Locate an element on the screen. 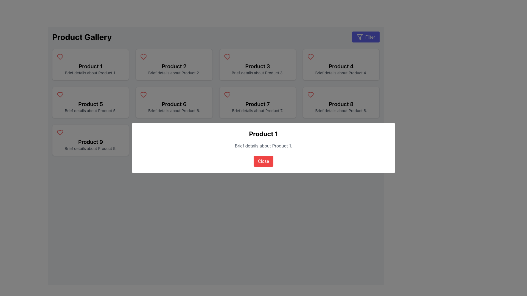 The image size is (527, 296). the heart-shaped icon located on the card labeled 'Product 5' in the 'Product Gallery' is located at coordinates (60, 95).